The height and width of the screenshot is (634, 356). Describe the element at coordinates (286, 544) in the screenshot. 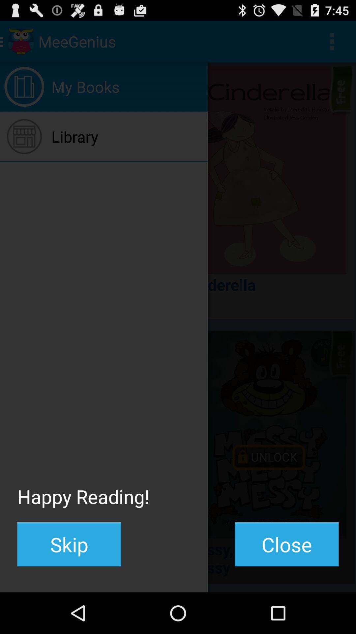

I see `close button` at that location.